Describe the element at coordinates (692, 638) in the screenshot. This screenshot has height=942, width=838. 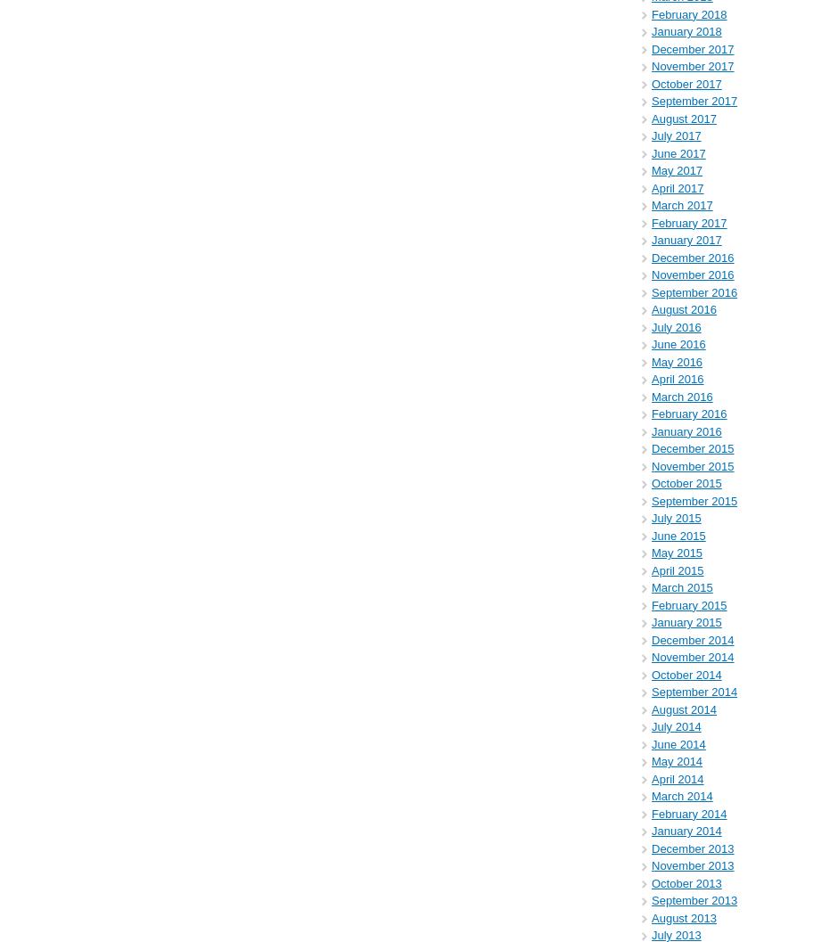
I see `'December 2014'` at that location.